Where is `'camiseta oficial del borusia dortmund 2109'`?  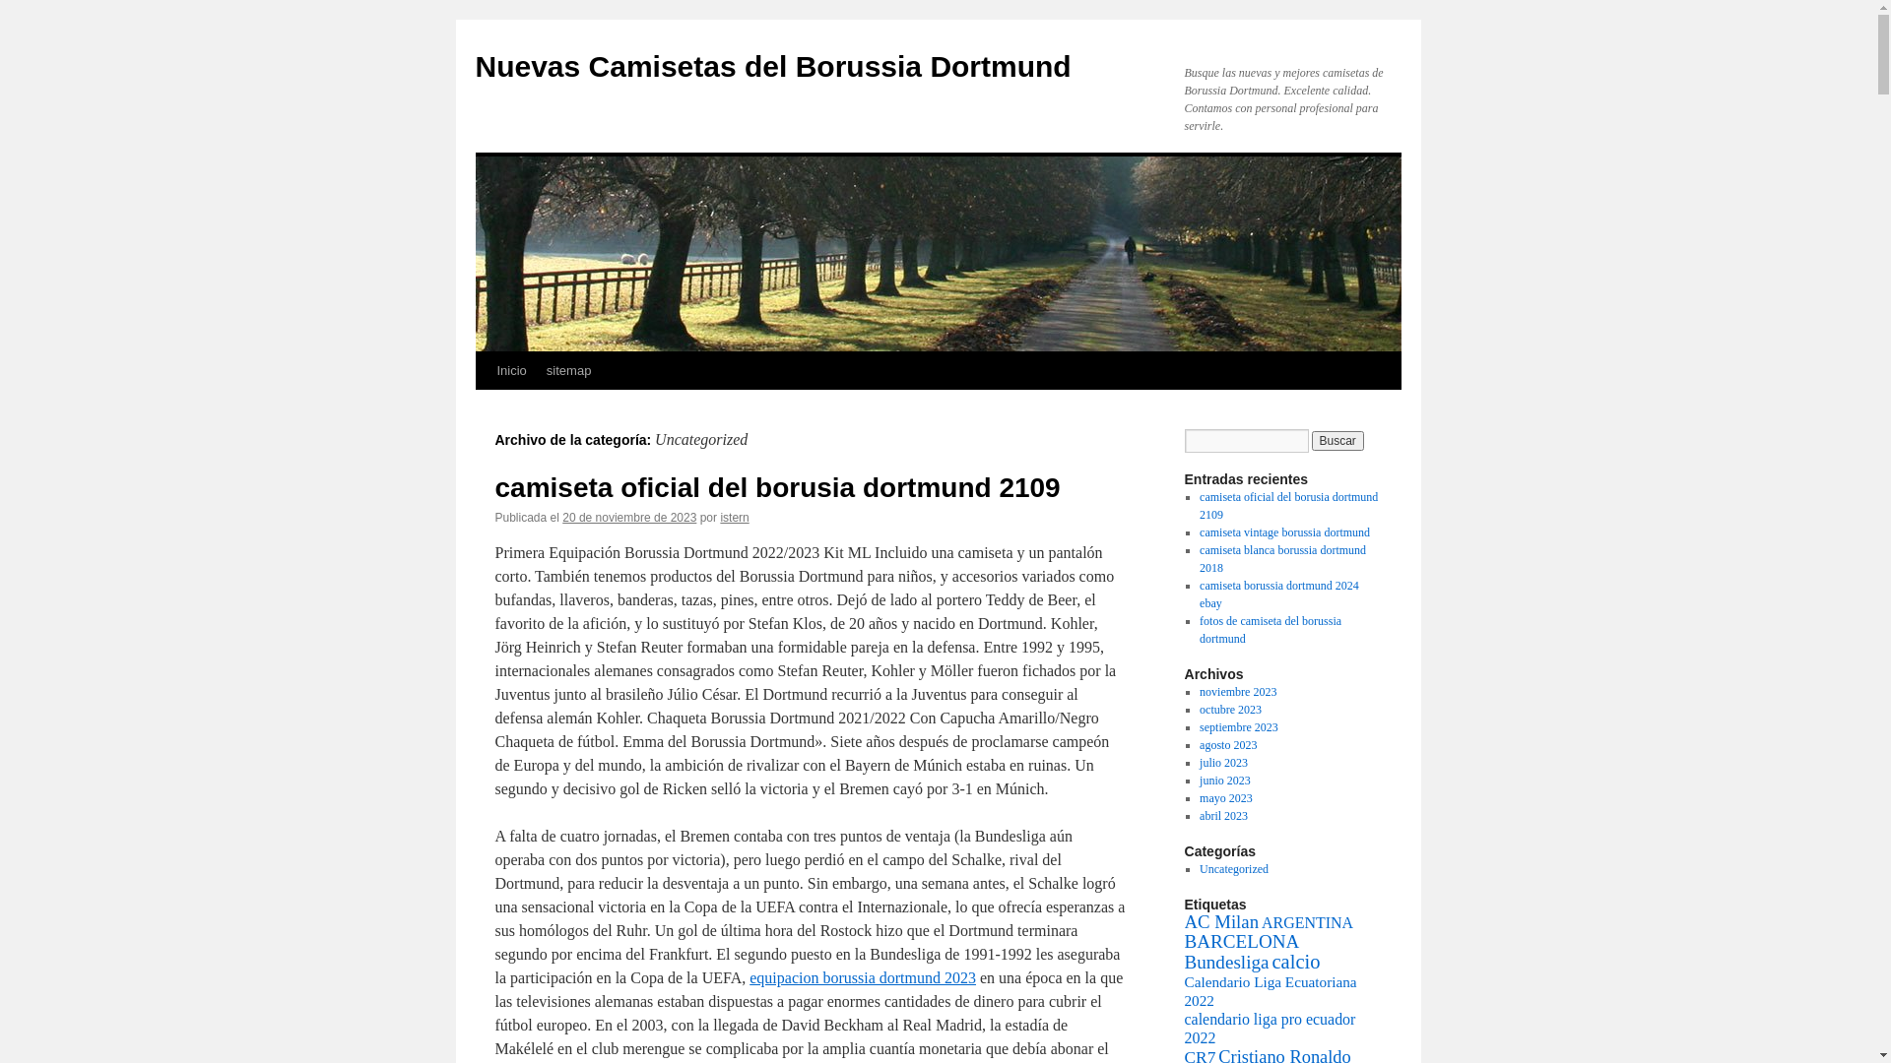
'camiseta oficial del borusia dortmund 2109' is located at coordinates (775, 487).